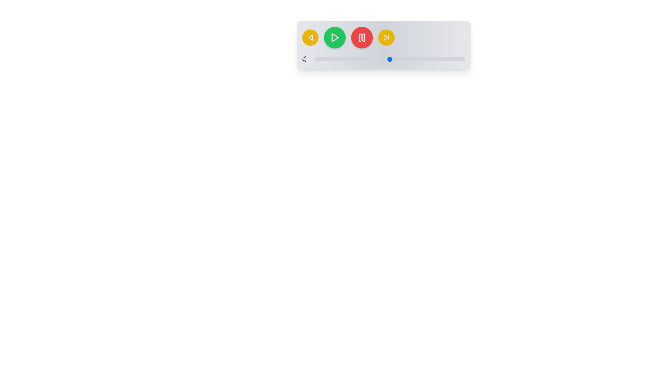  What do you see at coordinates (353, 59) in the screenshot?
I see `the slider position` at bounding box center [353, 59].